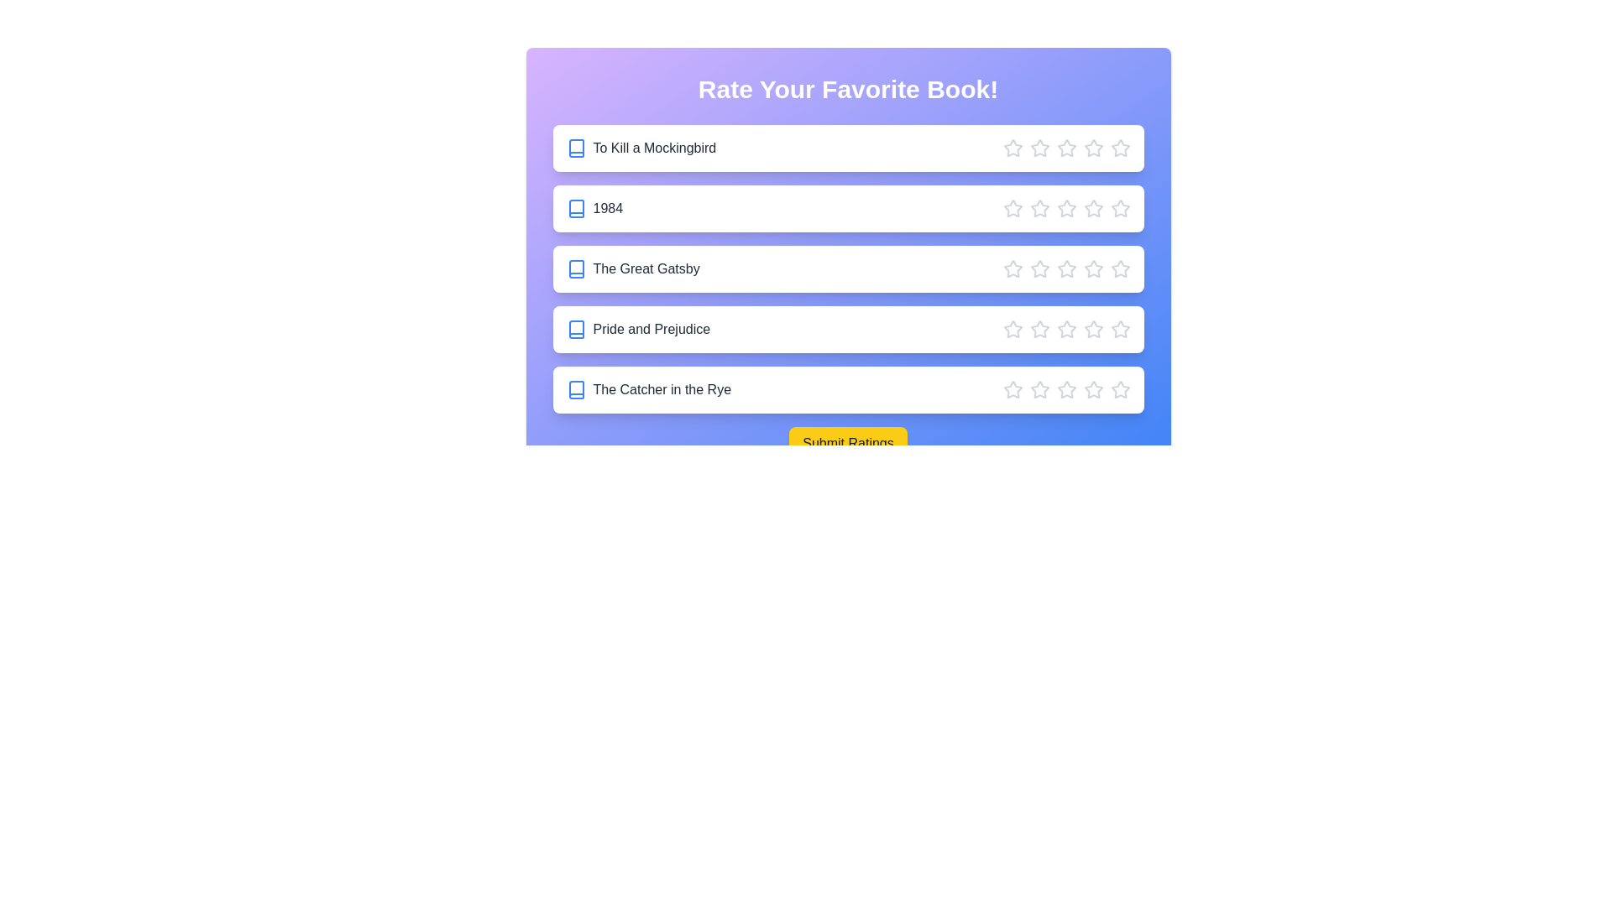 This screenshot has height=906, width=1612. Describe the element at coordinates (1012, 330) in the screenshot. I see `the star corresponding to 1 stars for the book 'Pride and Prejudice'` at that location.